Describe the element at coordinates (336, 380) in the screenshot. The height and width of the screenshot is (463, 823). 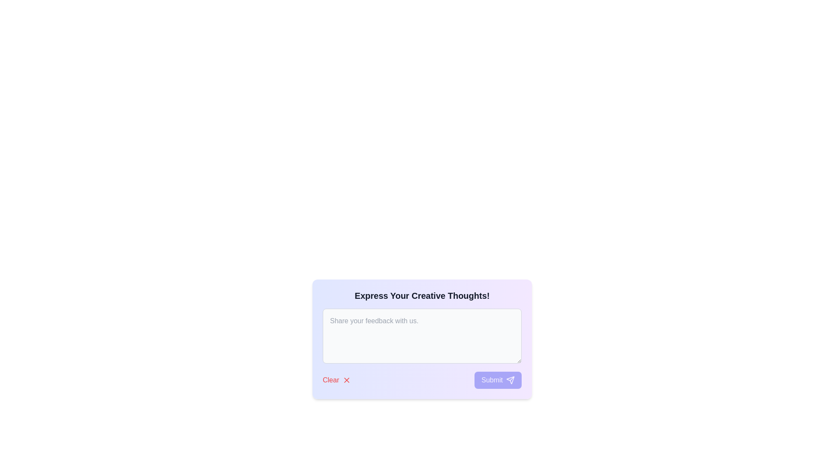
I see `the button that serves to clear or reset input fields, located in the bottom-left corner next to the 'Submit' button` at that location.